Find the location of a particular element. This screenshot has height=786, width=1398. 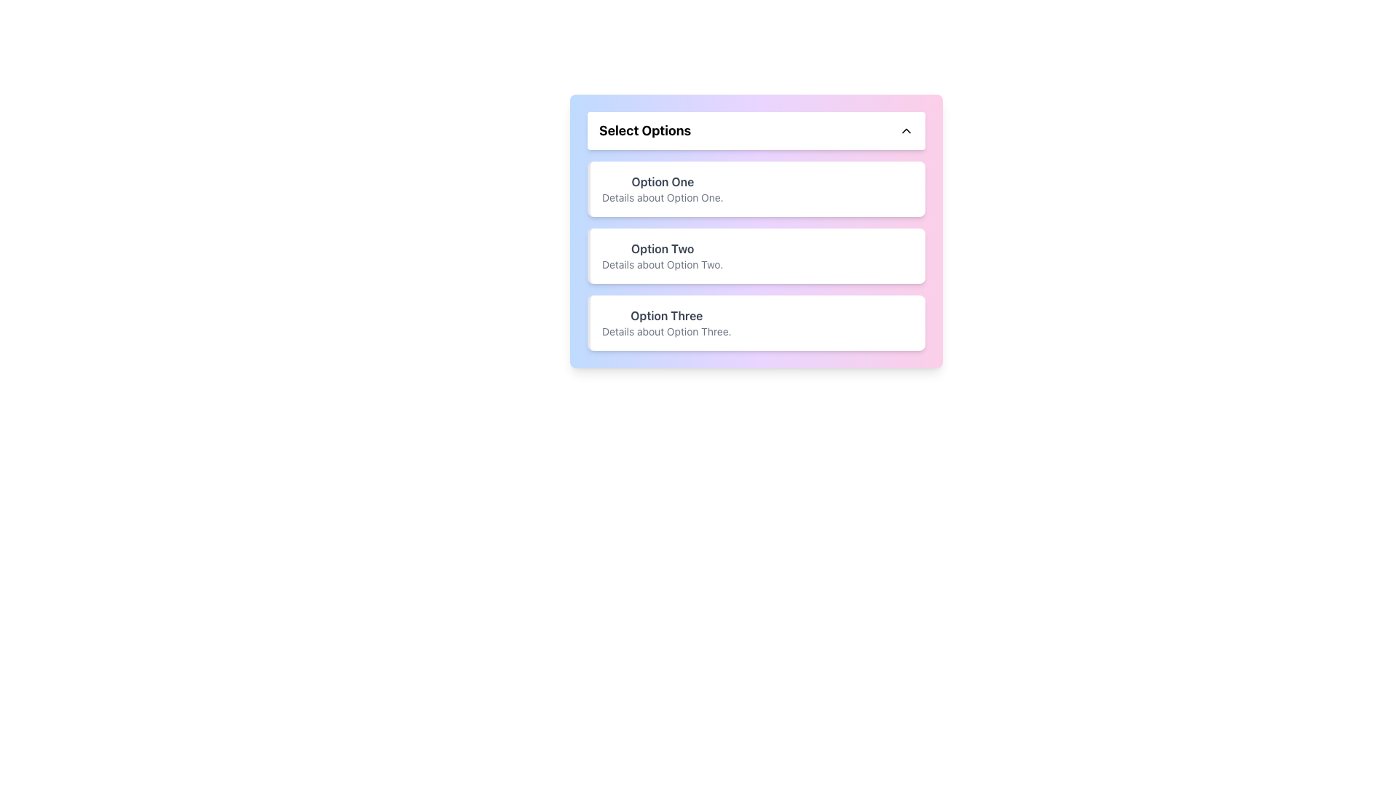

the third entry in the selection list, which represents 'Option Three' is located at coordinates (666, 322).